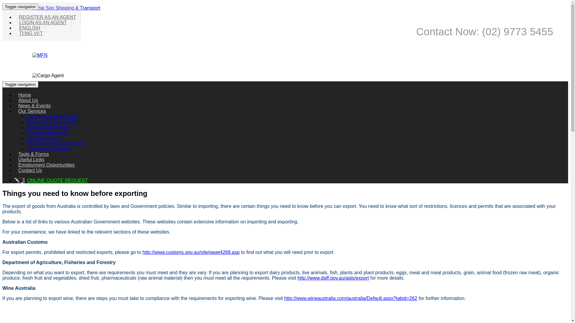 Image resolution: width=575 pixels, height=323 pixels. Describe the element at coordinates (14, 159) in the screenshot. I see `'Useful Links'` at that location.